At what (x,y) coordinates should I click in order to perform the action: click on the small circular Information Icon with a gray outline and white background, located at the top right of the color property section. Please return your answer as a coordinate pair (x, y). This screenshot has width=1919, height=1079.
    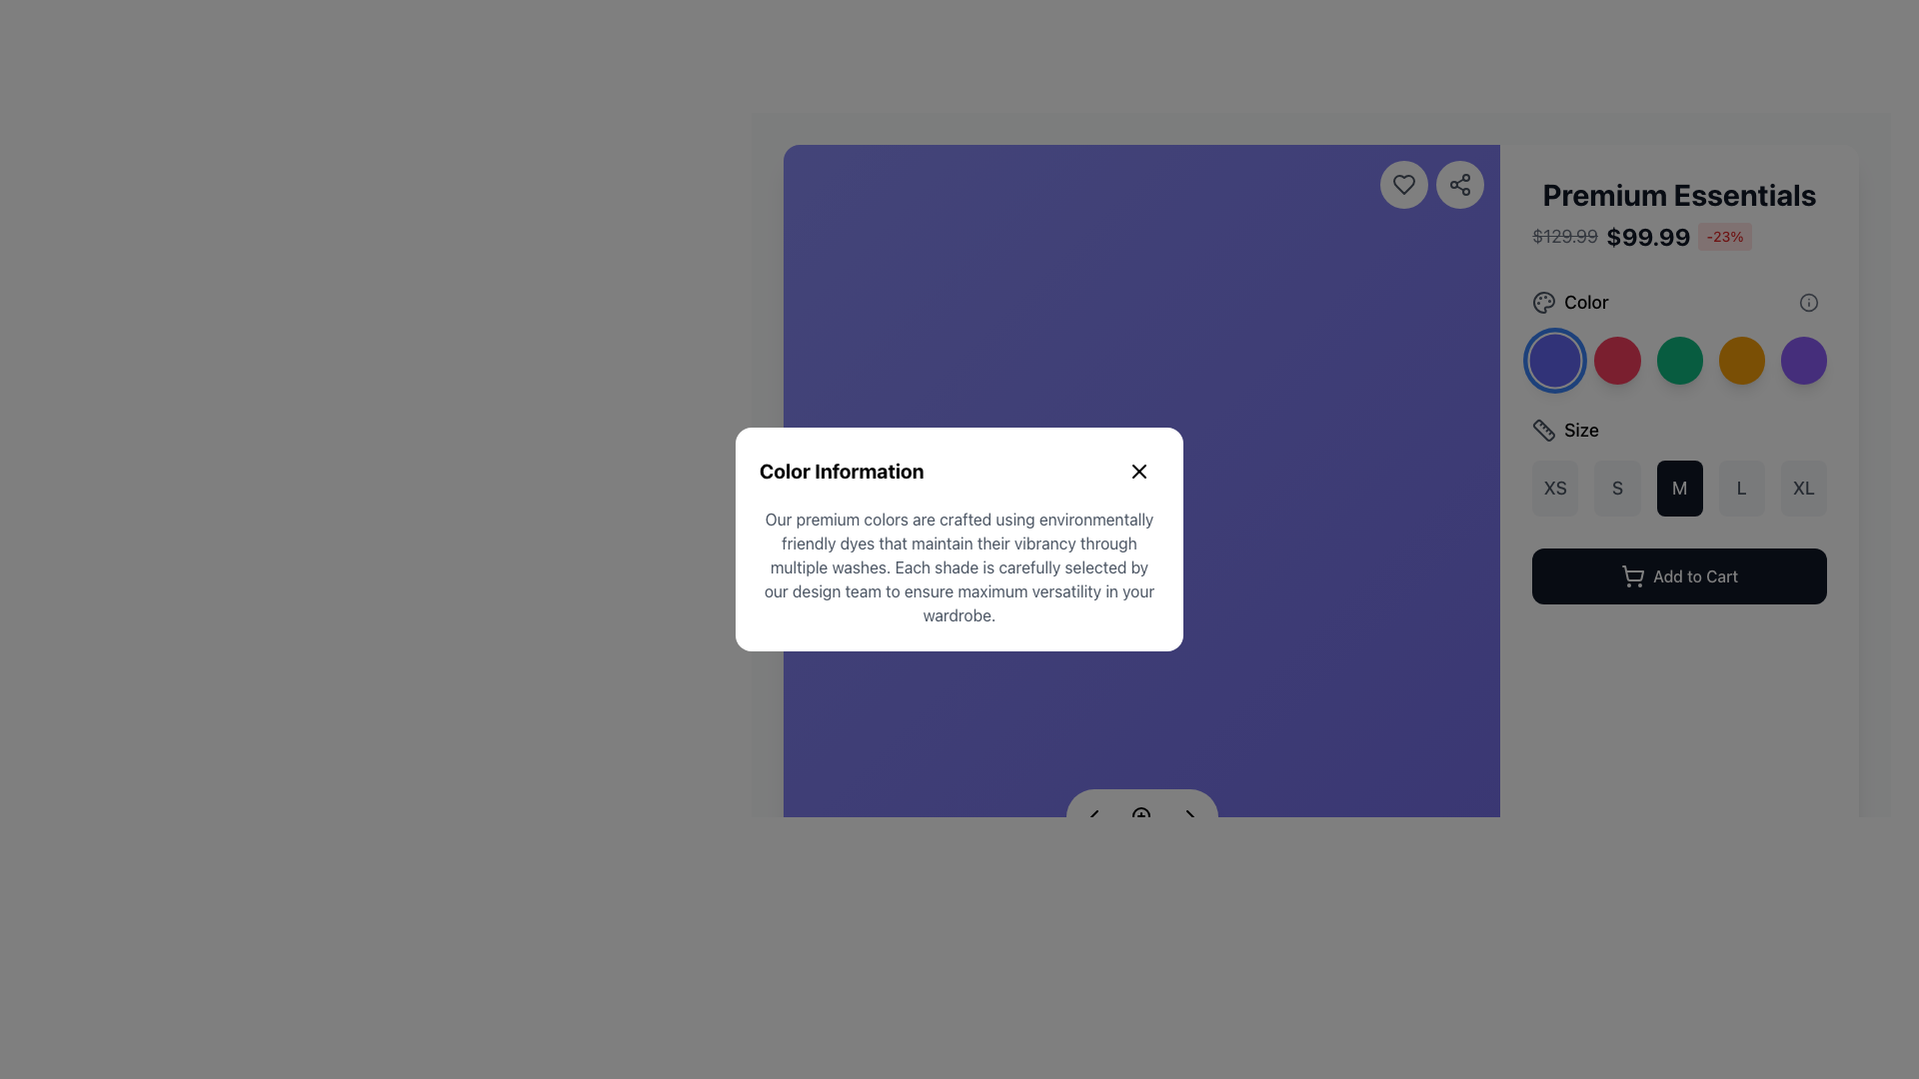
    Looking at the image, I should click on (1808, 303).